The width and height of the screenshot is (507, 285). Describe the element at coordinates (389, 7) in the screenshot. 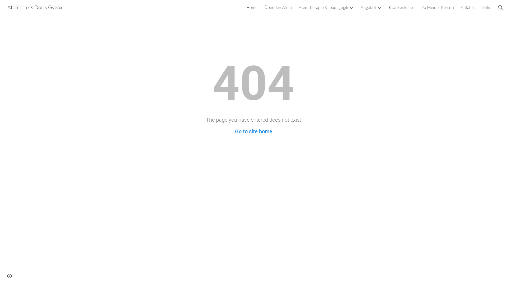

I see `'Krankenkasse'` at that location.